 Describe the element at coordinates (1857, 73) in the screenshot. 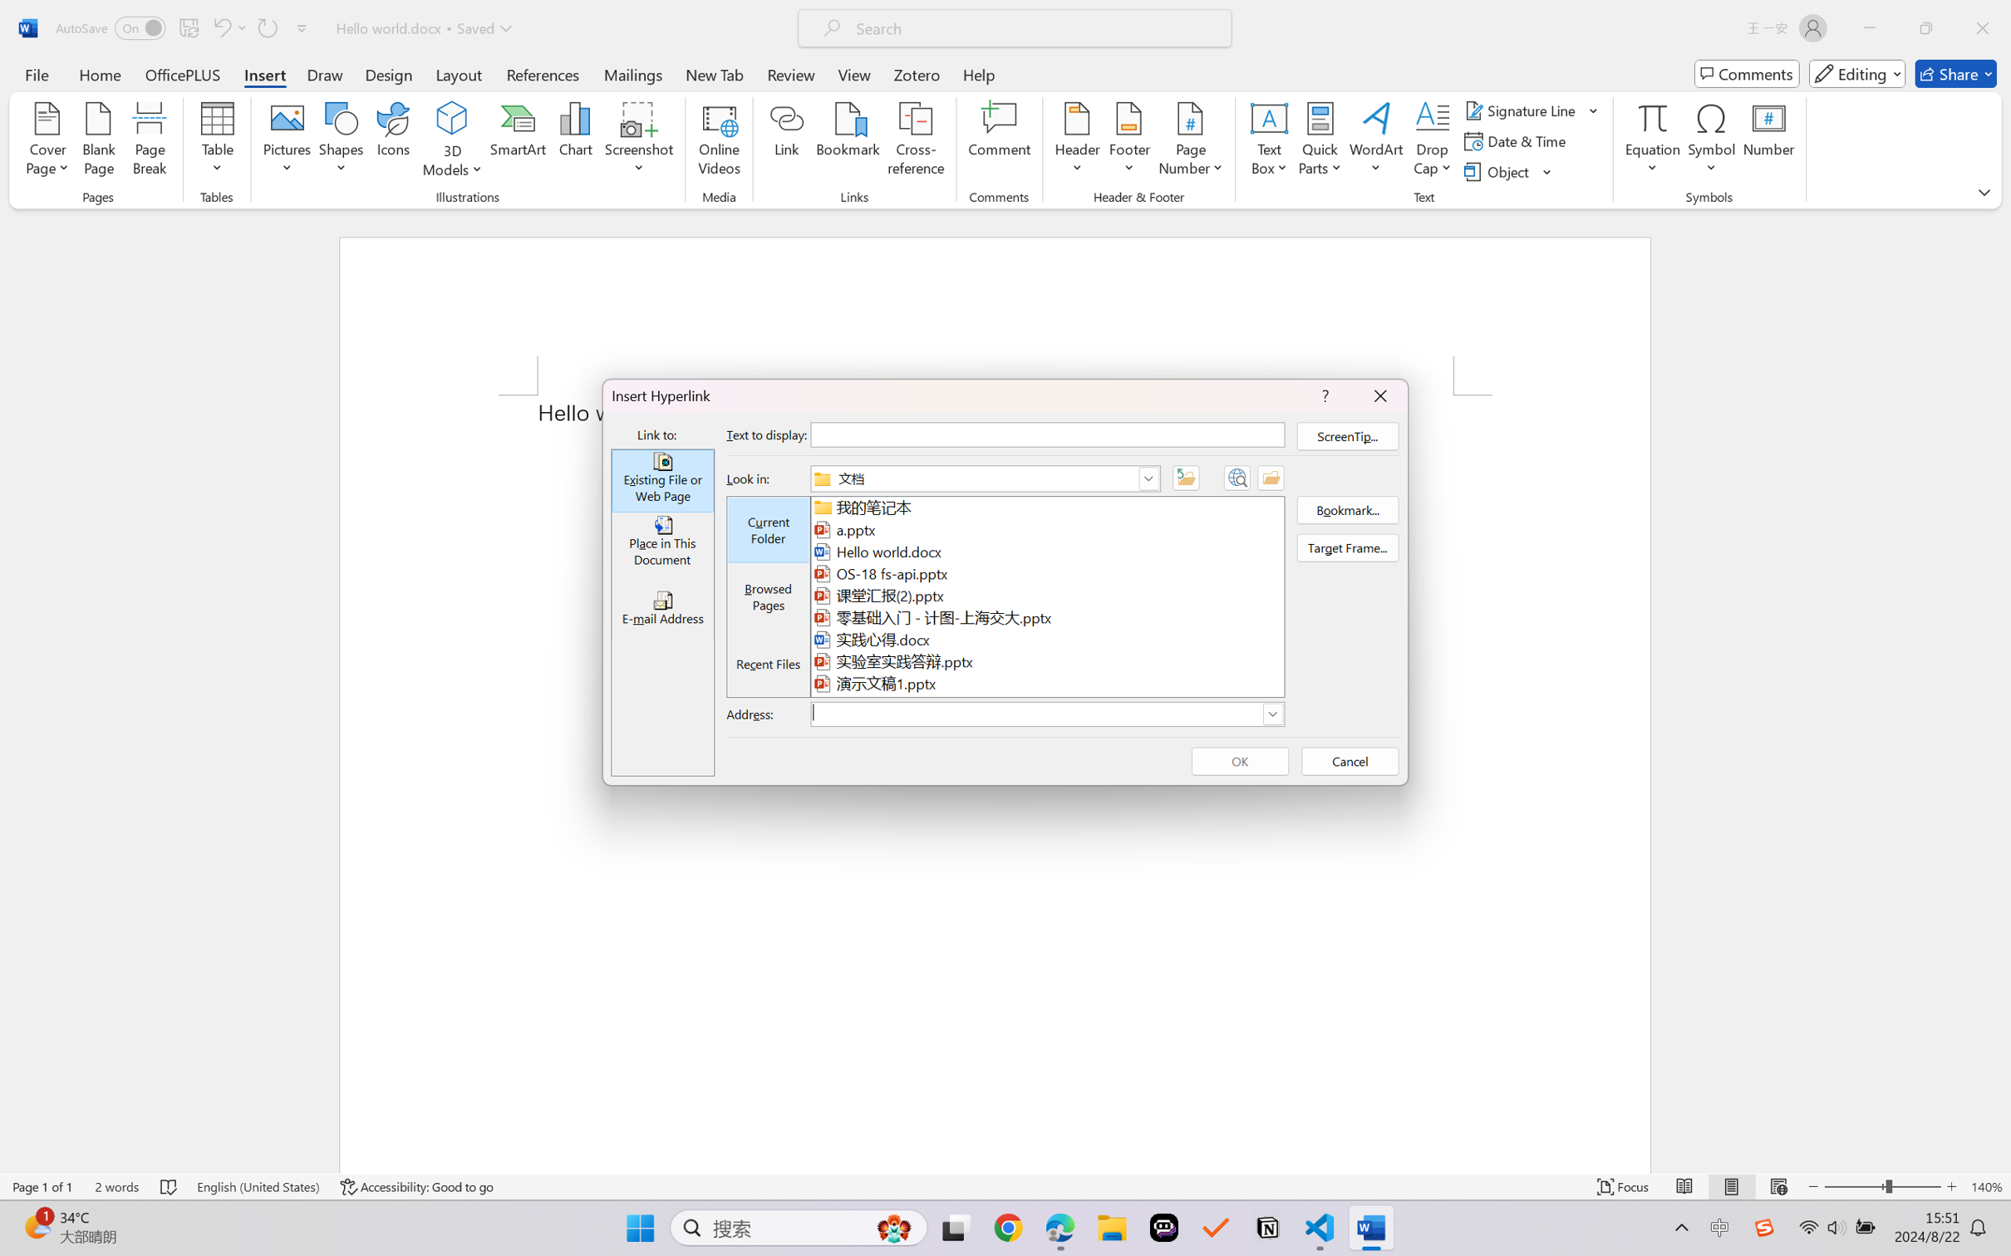

I see `'Mode'` at that location.